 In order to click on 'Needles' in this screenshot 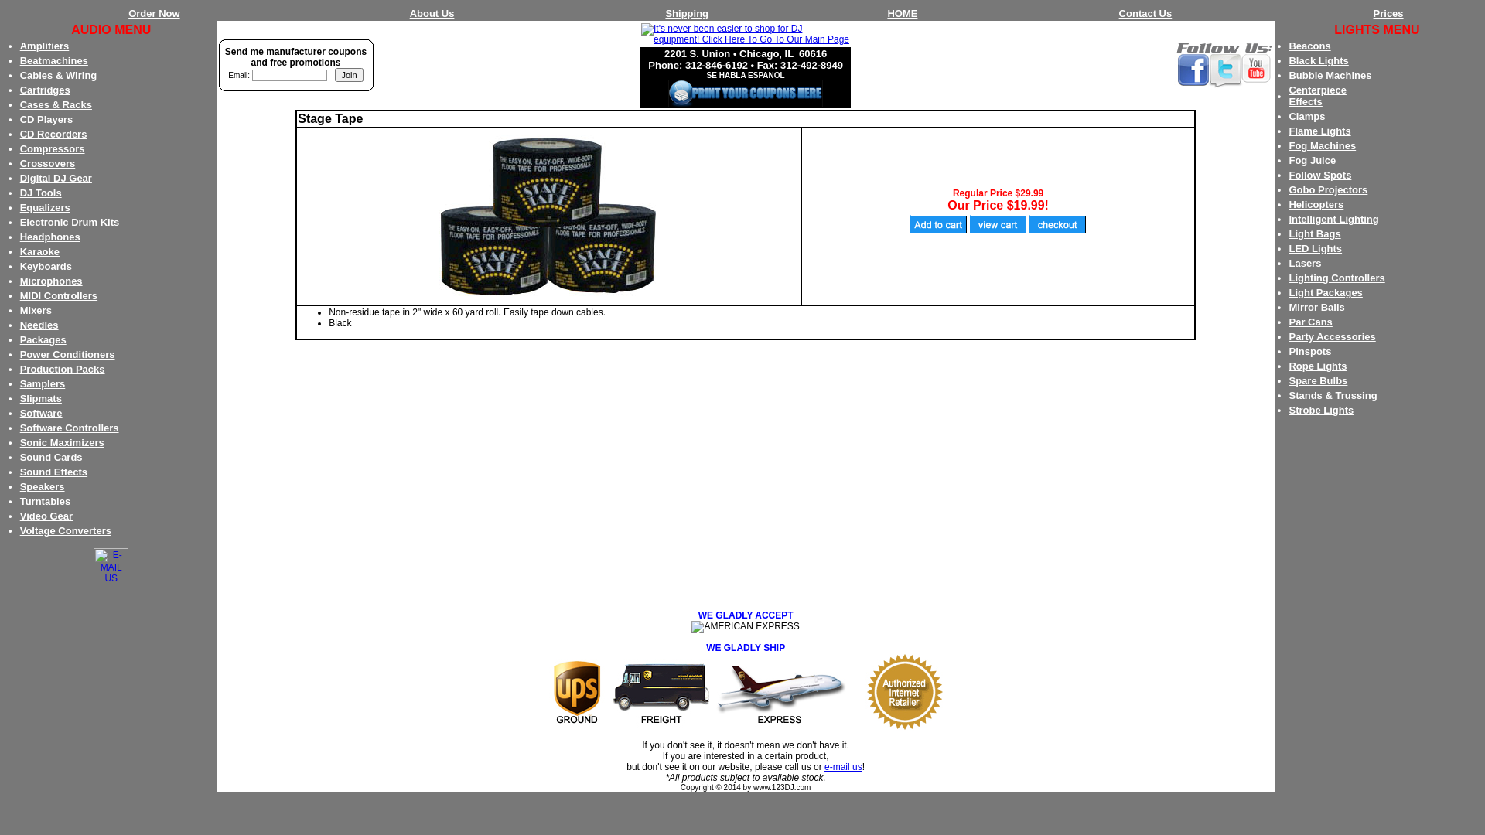, I will do `click(39, 324)`.